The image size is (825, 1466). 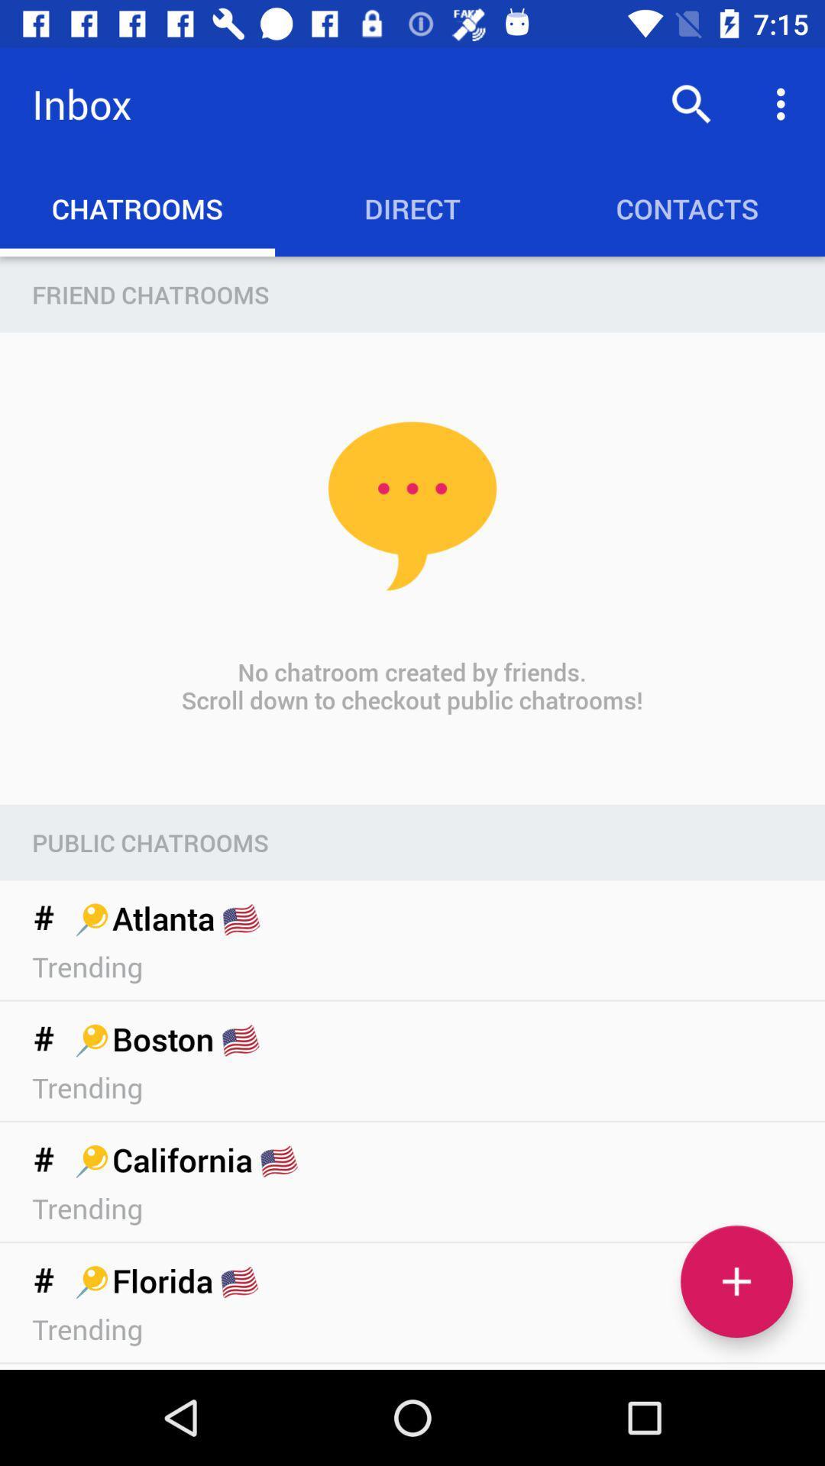 What do you see at coordinates (736, 1281) in the screenshot?
I see `the add icon` at bounding box center [736, 1281].